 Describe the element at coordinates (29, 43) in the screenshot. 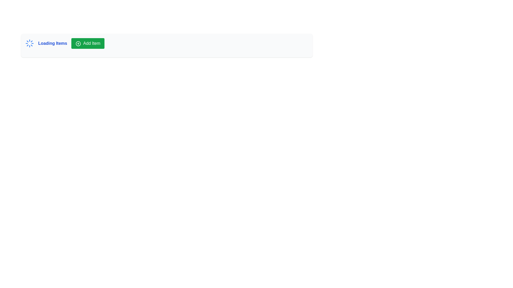

I see `the Loading Spinner Icon, which is a blue circular spinner located to the left of the 'Loading Items' text` at that location.